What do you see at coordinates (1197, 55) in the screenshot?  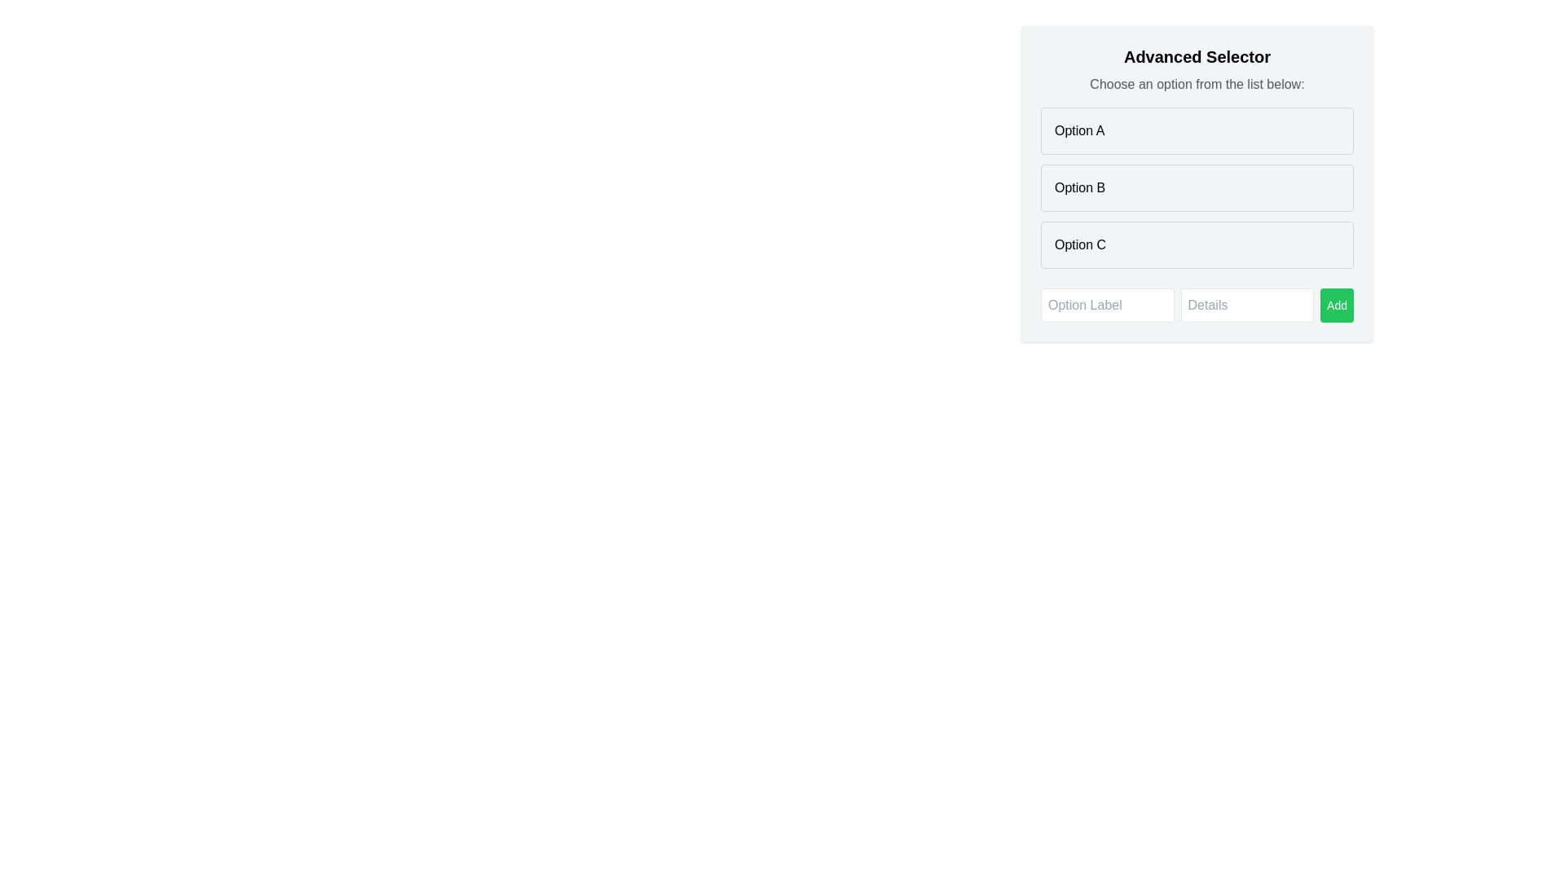 I see `the bold, large-sized text element reading 'Advanced Selector' which is centered at the top of its containing box` at bounding box center [1197, 55].